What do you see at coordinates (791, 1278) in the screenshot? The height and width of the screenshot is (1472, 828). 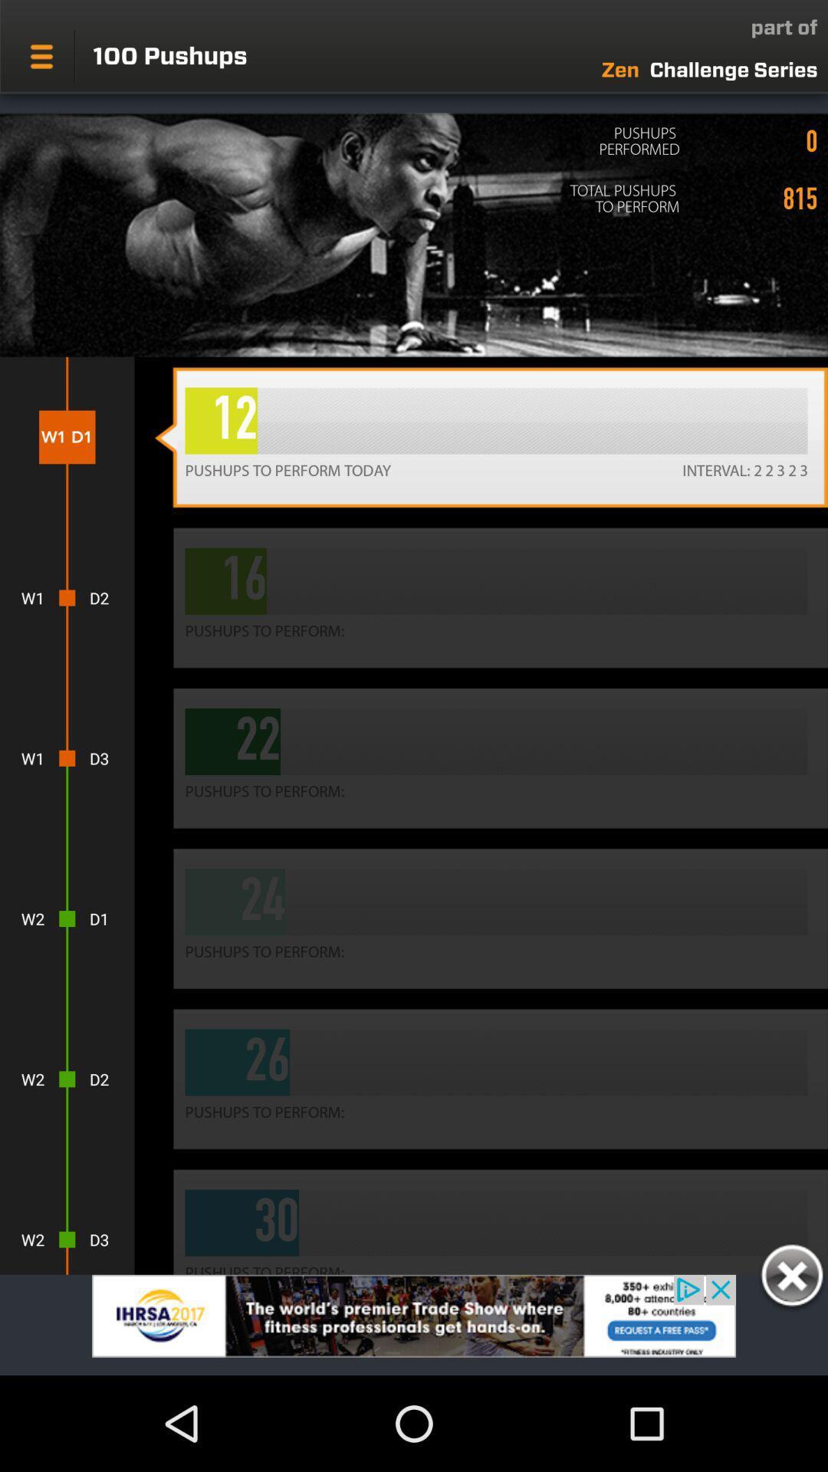 I see `close` at bounding box center [791, 1278].